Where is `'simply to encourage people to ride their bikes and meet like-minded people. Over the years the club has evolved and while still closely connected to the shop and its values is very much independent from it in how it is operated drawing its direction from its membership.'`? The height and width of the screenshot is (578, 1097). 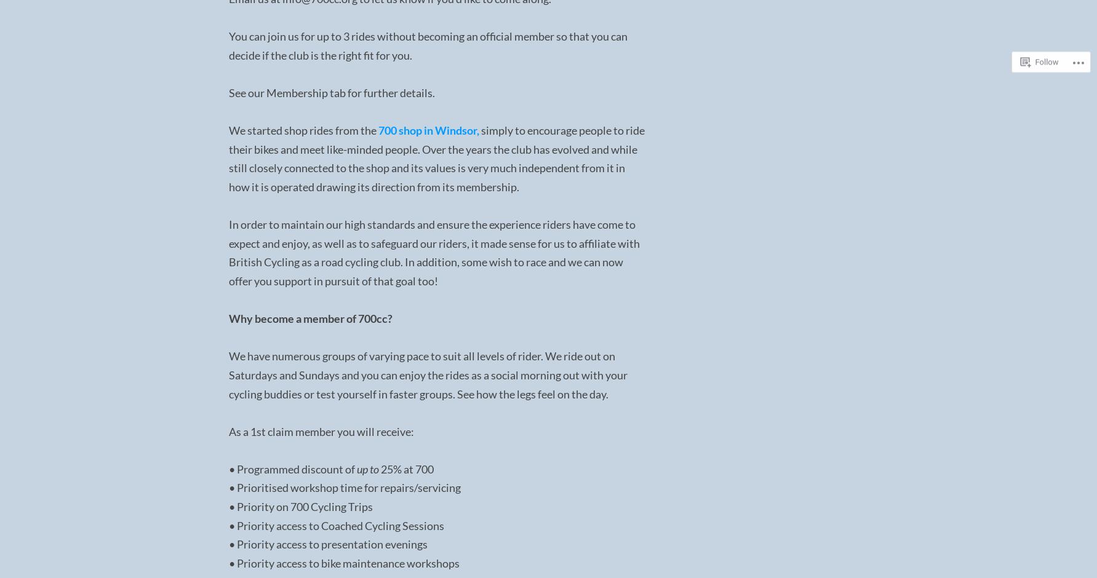
'simply to encourage people to ride their bikes and meet like-minded people. Over the years the club has evolved and while still closely connected to the shop and its values is very much independent from it in how it is operated drawing its direction from its membership.' is located at coordinates (435, 158).